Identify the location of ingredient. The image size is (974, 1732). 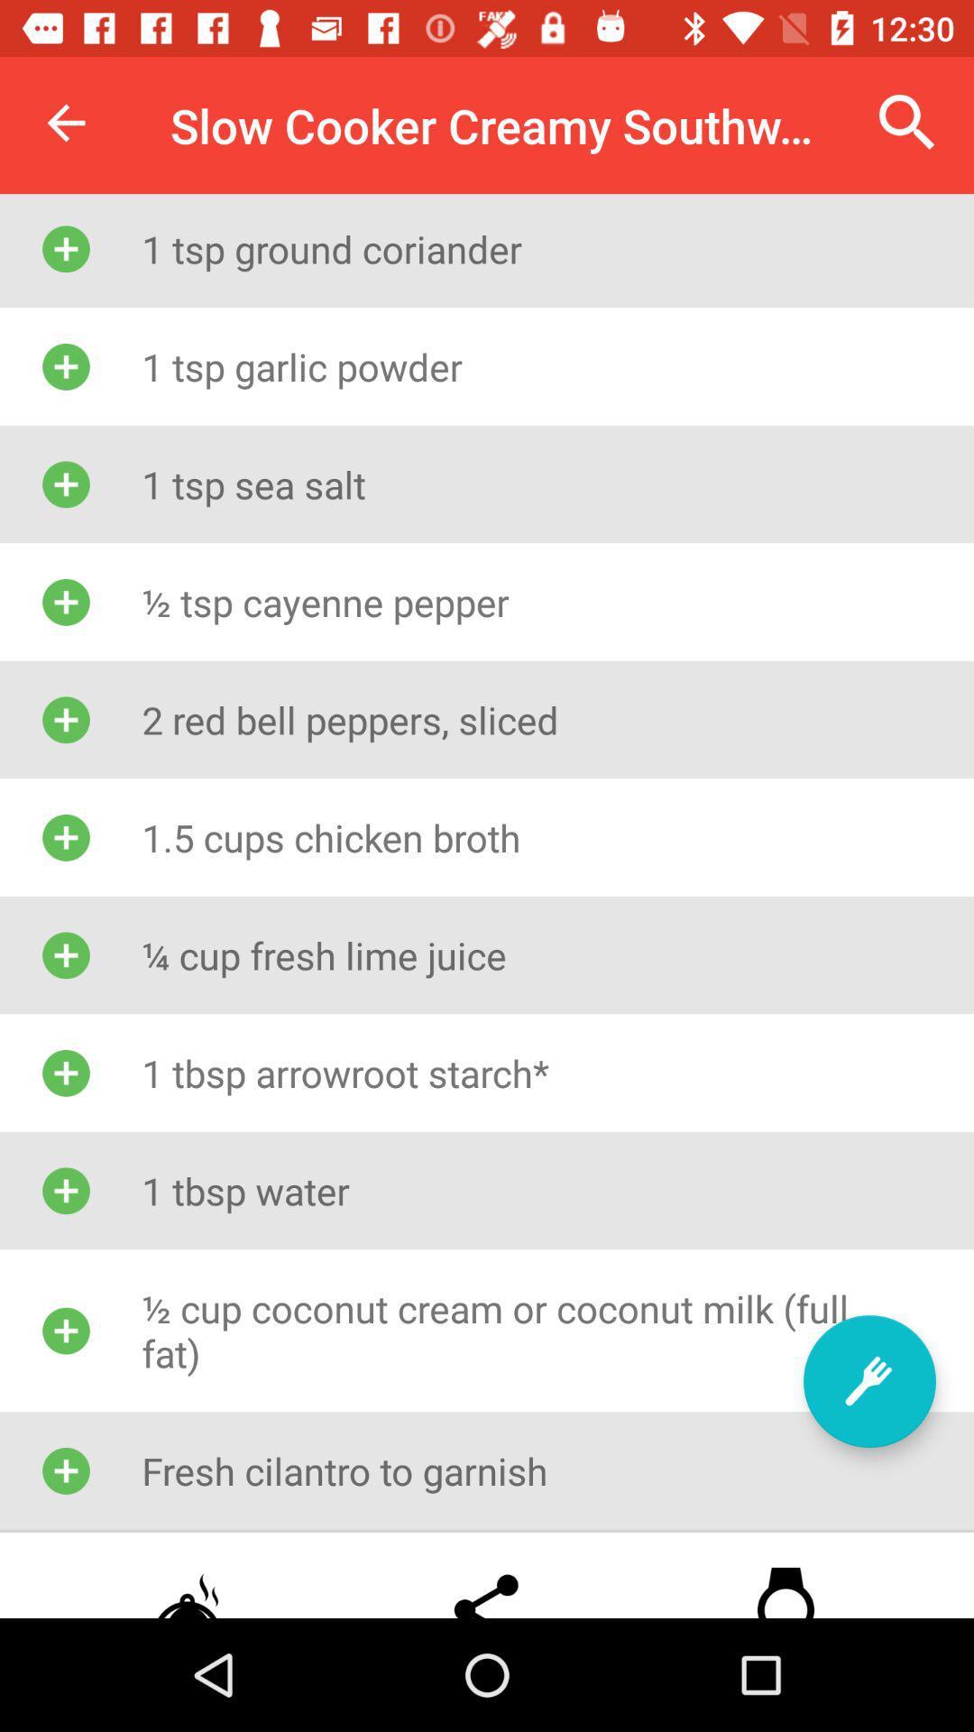
(868, 1380).